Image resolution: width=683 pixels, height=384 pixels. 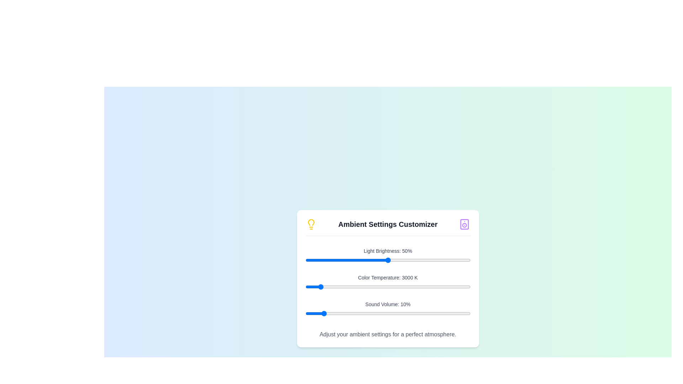 What do you see at coordinates (392, 313) in the screenshot?
I see `the sound volume` at bounding box center [392, 313].